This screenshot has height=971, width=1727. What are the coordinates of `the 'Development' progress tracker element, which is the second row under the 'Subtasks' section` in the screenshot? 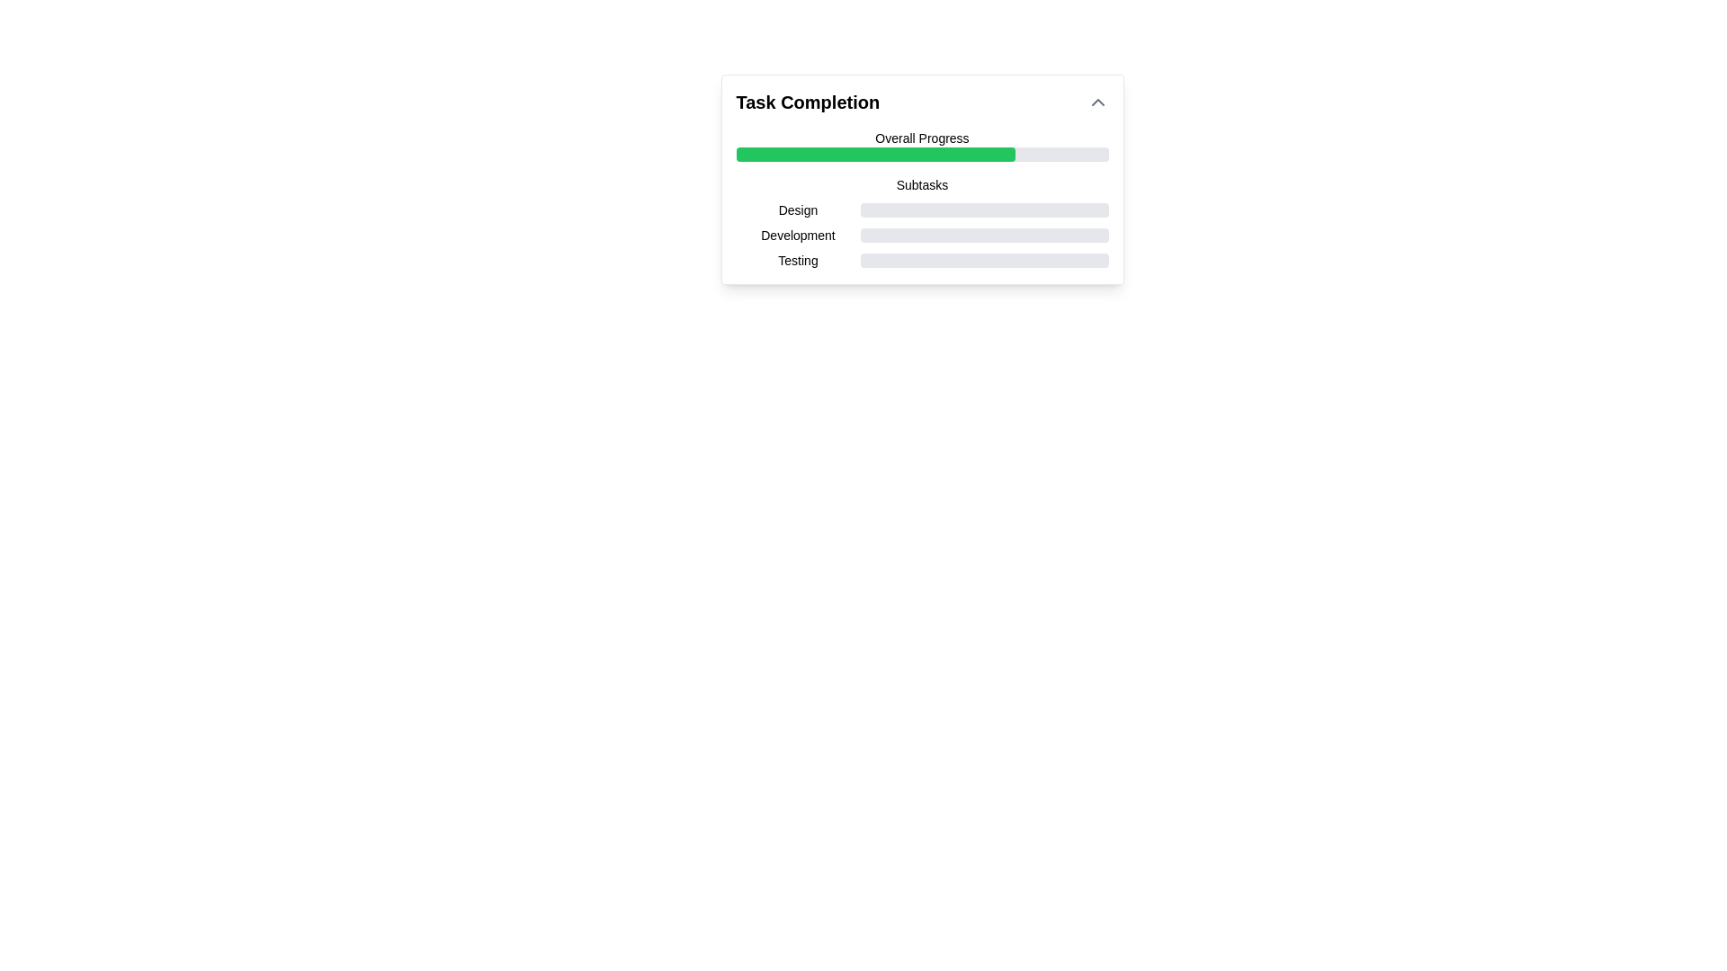 It's located at (922, 235).